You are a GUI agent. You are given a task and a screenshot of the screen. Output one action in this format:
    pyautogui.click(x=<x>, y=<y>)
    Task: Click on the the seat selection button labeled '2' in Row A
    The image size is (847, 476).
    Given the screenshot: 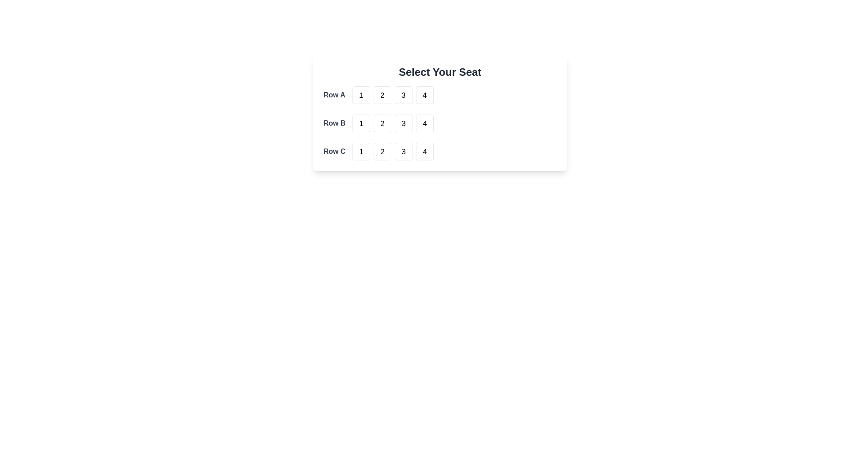 What is the action you would take?
    pyautogui.click(x=382, y=95)
    